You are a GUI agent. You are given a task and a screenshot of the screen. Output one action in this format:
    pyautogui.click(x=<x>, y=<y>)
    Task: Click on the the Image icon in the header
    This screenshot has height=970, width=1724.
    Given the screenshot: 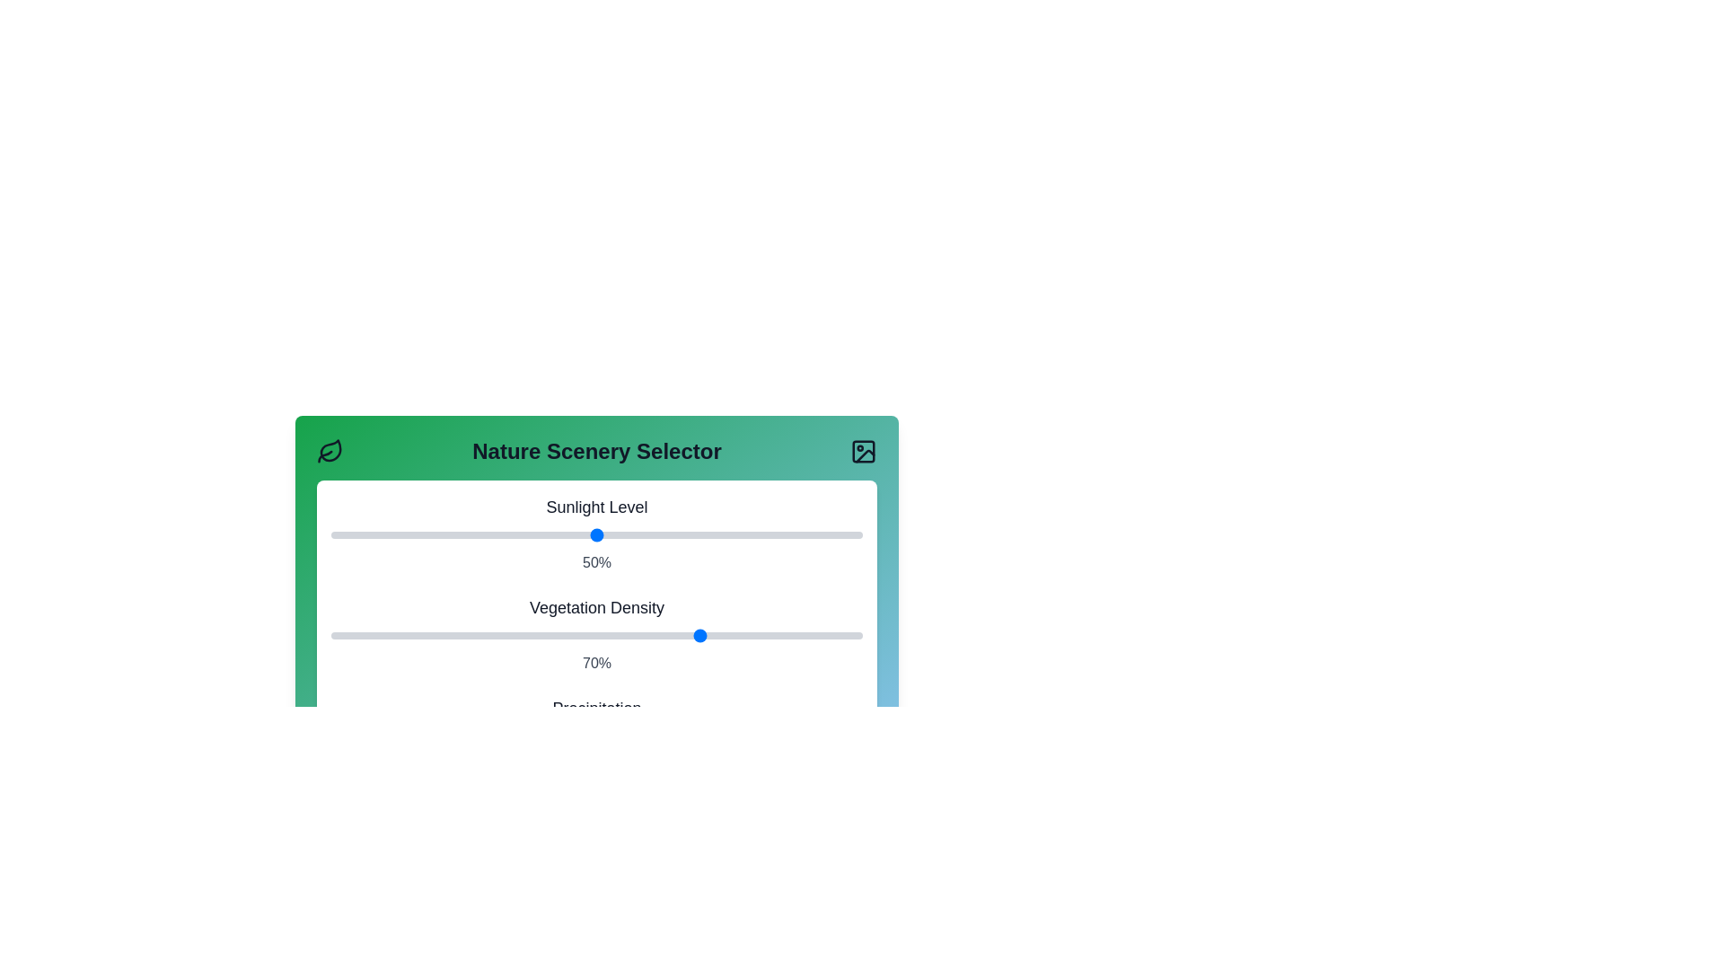 What is the action you would take?
    pyautogui.click(x=863, y=450)
    